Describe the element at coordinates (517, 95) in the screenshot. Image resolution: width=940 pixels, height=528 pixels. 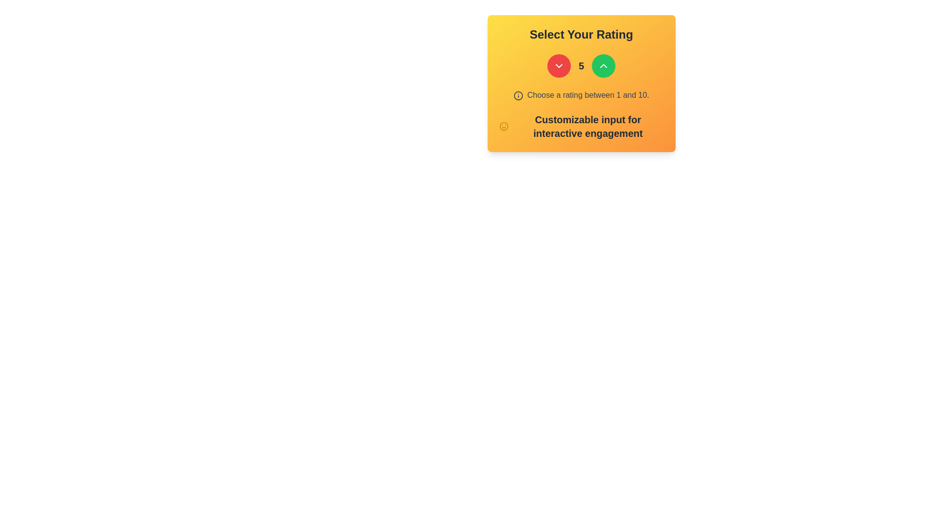
I see `the small circular information icon located to the left of the text 'Choose a rating between 1 and 10.'` at that location.